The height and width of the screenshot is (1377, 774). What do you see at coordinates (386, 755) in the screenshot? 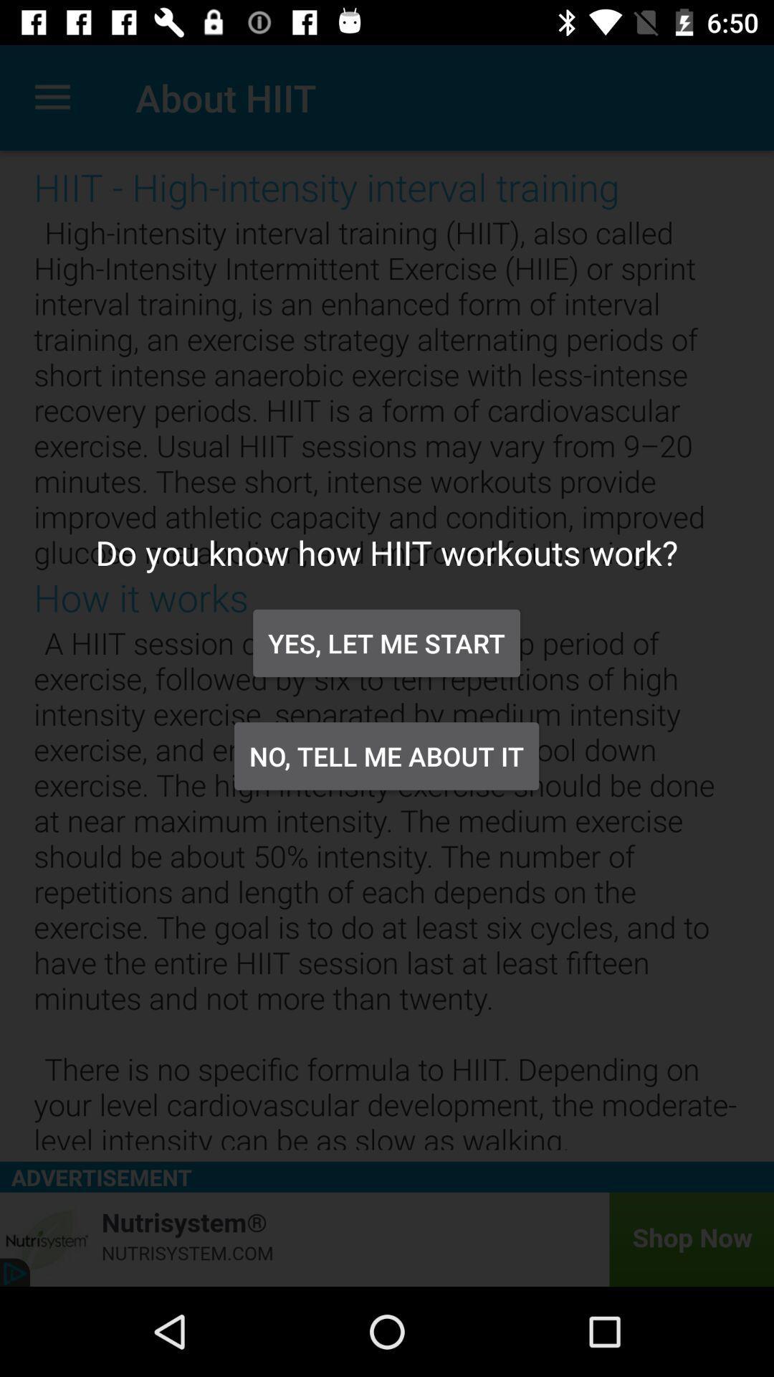
I see `no tell me icon` at bounding box center [386, 755].